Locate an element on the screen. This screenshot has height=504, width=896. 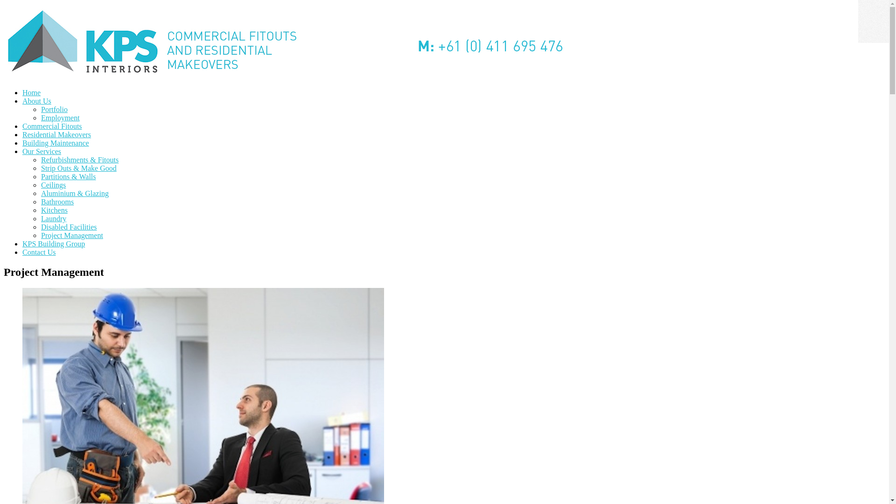
'Residential Makeovers' is located at coordinates (22, 134).